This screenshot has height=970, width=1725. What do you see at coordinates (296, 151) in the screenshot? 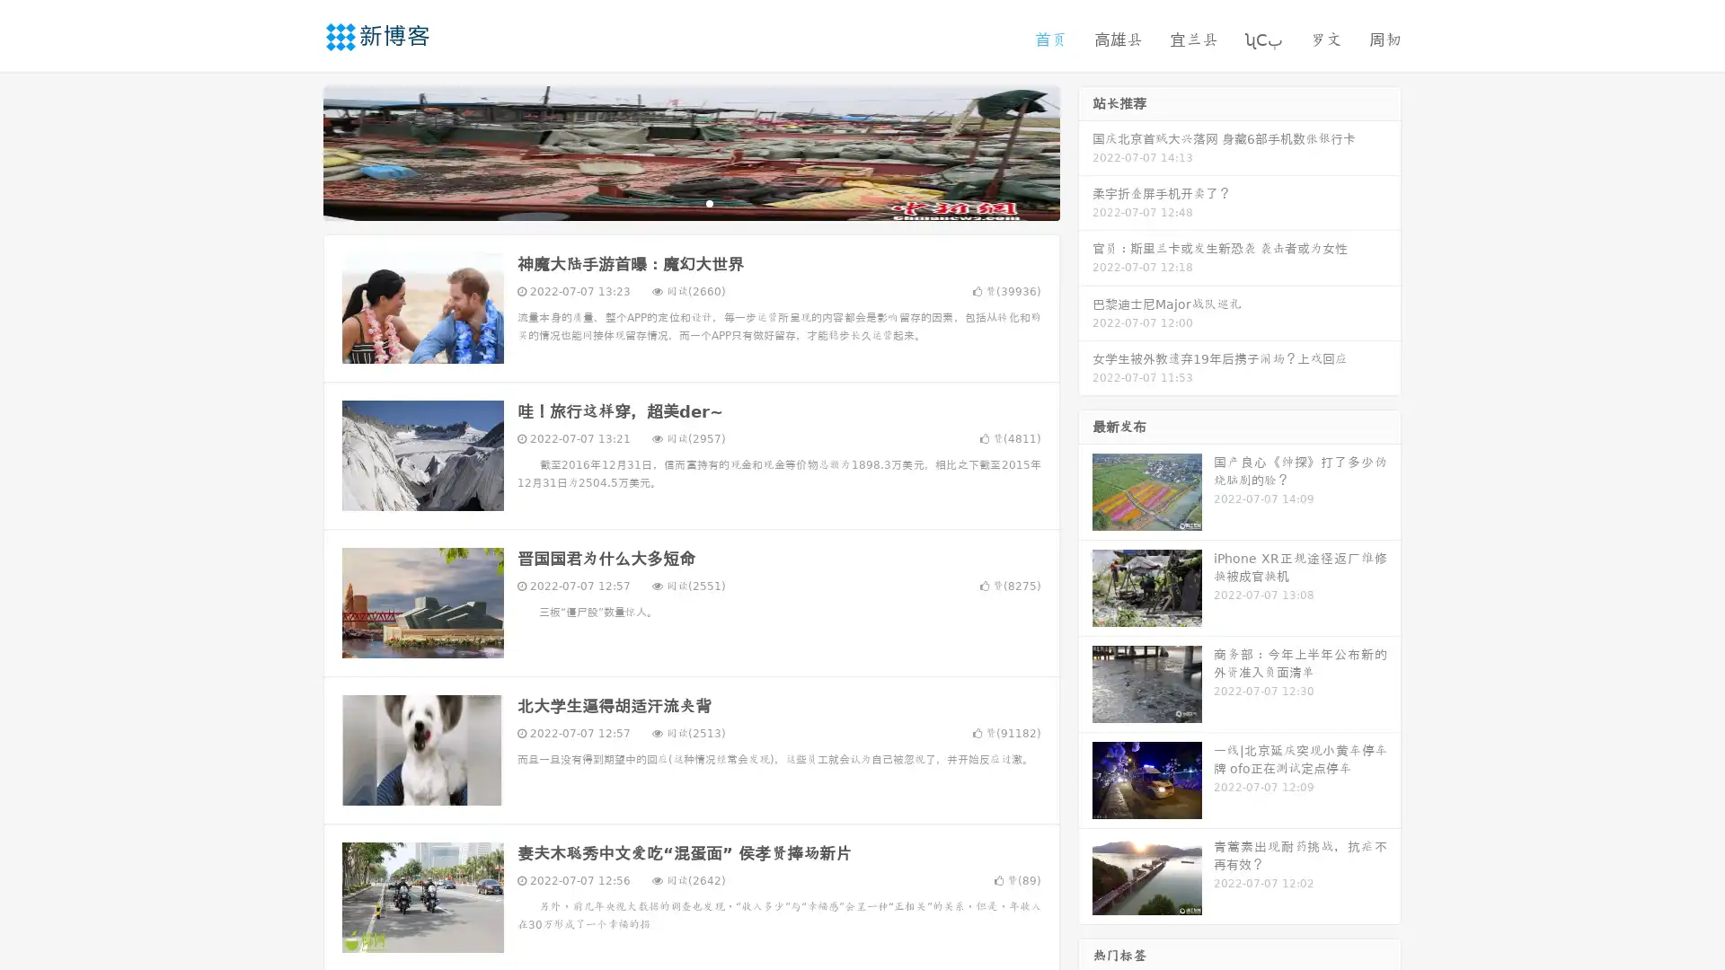
I see `Previous slide` at bounding box center [296, 151].